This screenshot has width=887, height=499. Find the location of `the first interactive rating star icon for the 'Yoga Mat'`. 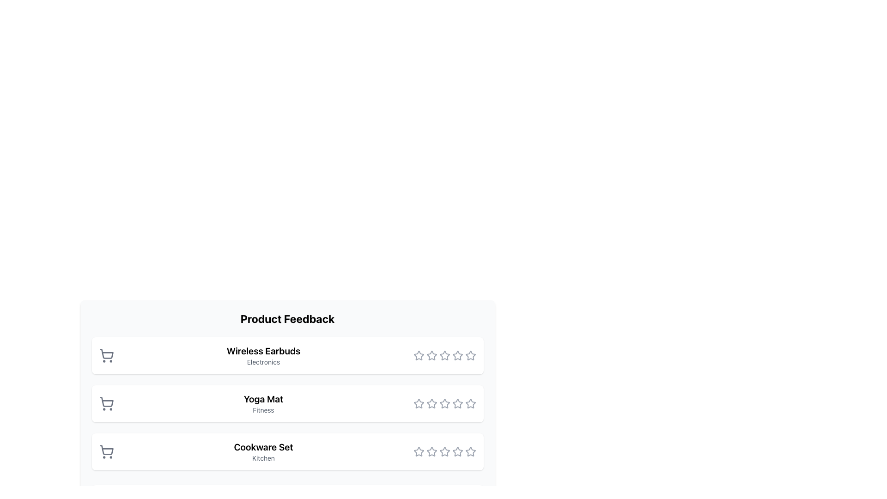

the first interactive rating star icon for the 'Yoga Mat' is located at coordinates (418, 403).